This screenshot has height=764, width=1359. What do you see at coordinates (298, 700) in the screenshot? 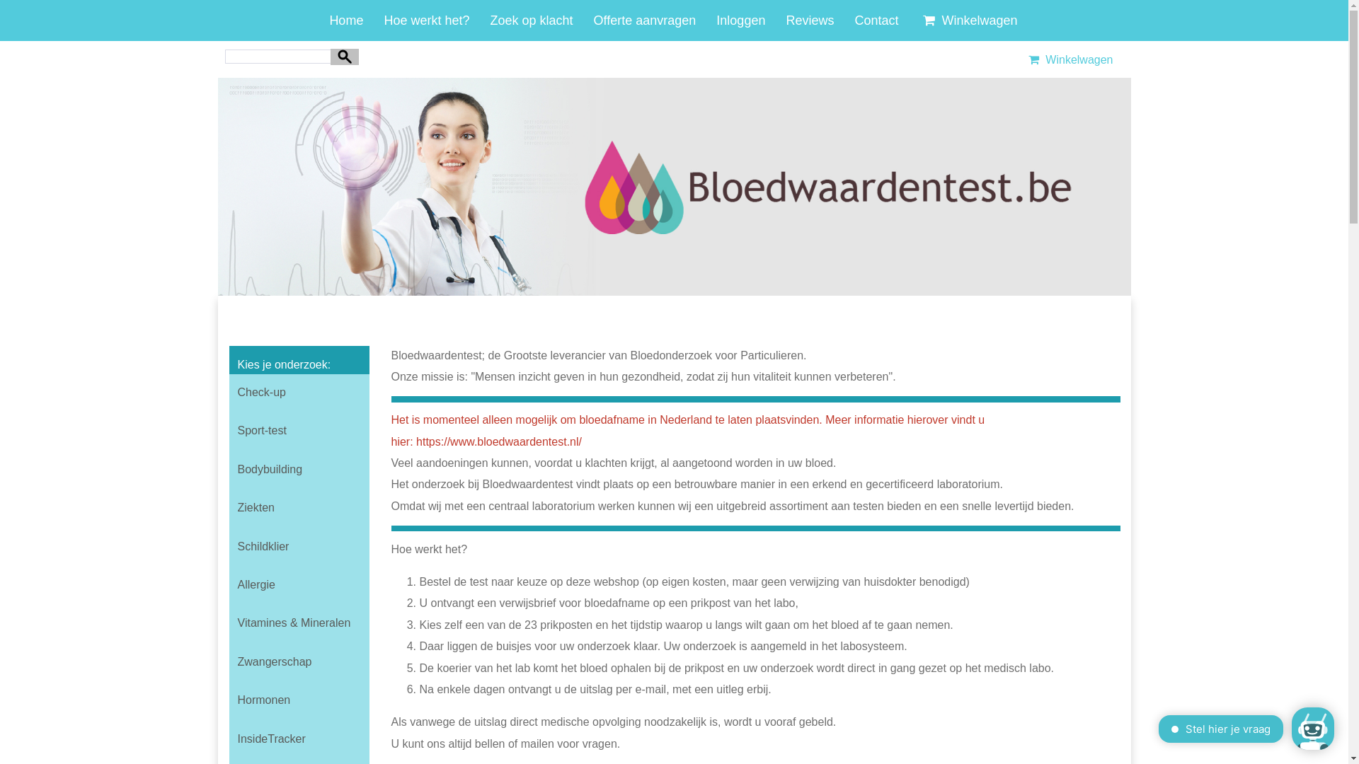
I see `'Hormonen'` at bounding box center [298, 700].